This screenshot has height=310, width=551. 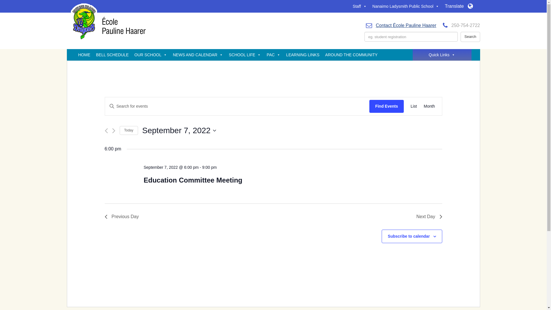 I want to click on 'Today', so click(x=128, y=130).